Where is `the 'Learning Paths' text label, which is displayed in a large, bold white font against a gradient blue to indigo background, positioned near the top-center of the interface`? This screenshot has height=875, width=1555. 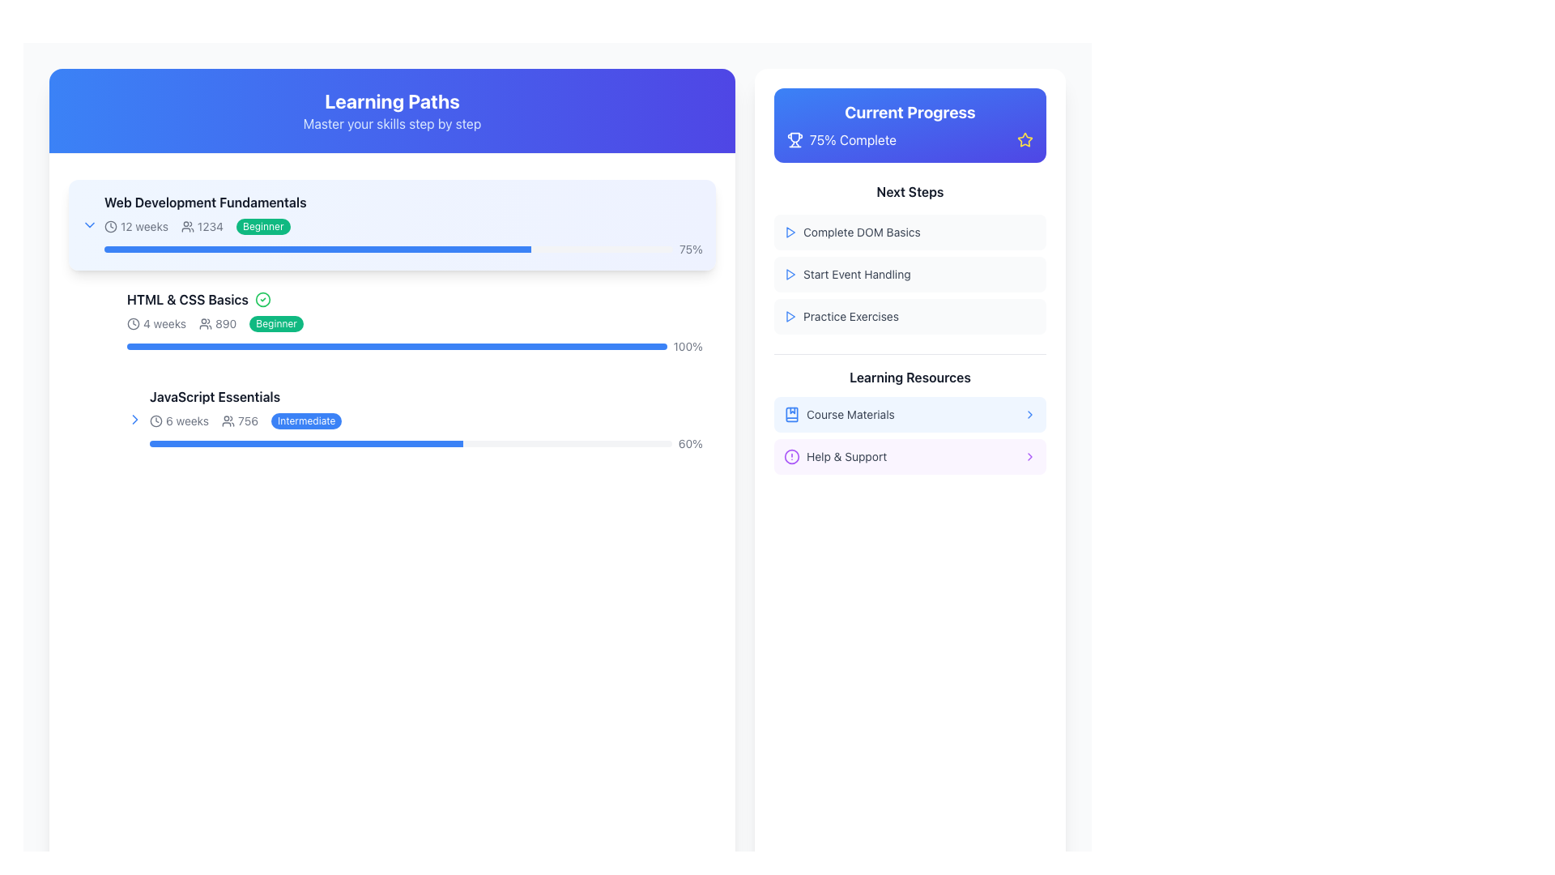
the 'Learning Paths' text label, which is displayed in a large, bold white font against a gradient blue to indigo background, positioned near the top-center of the interface is located at coordinates (392, 100).